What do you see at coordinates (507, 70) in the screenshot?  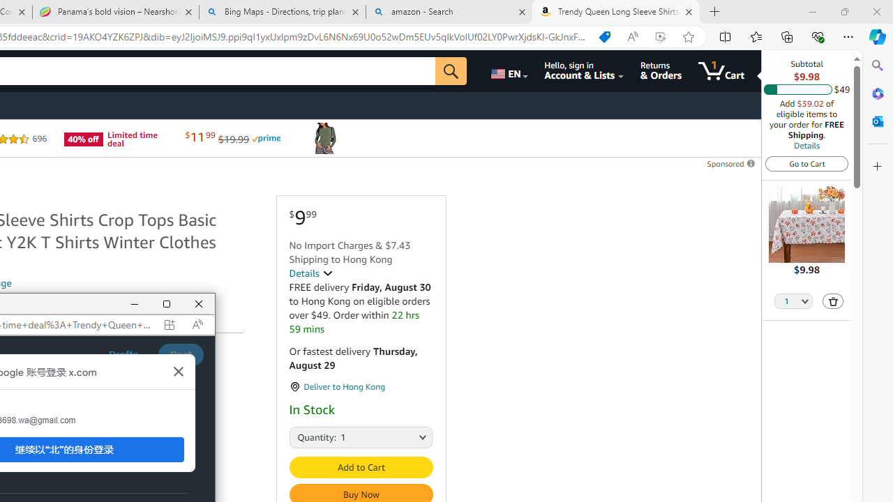 I see `'Choose a language for shopping.'` at bounding box center [507, 70].